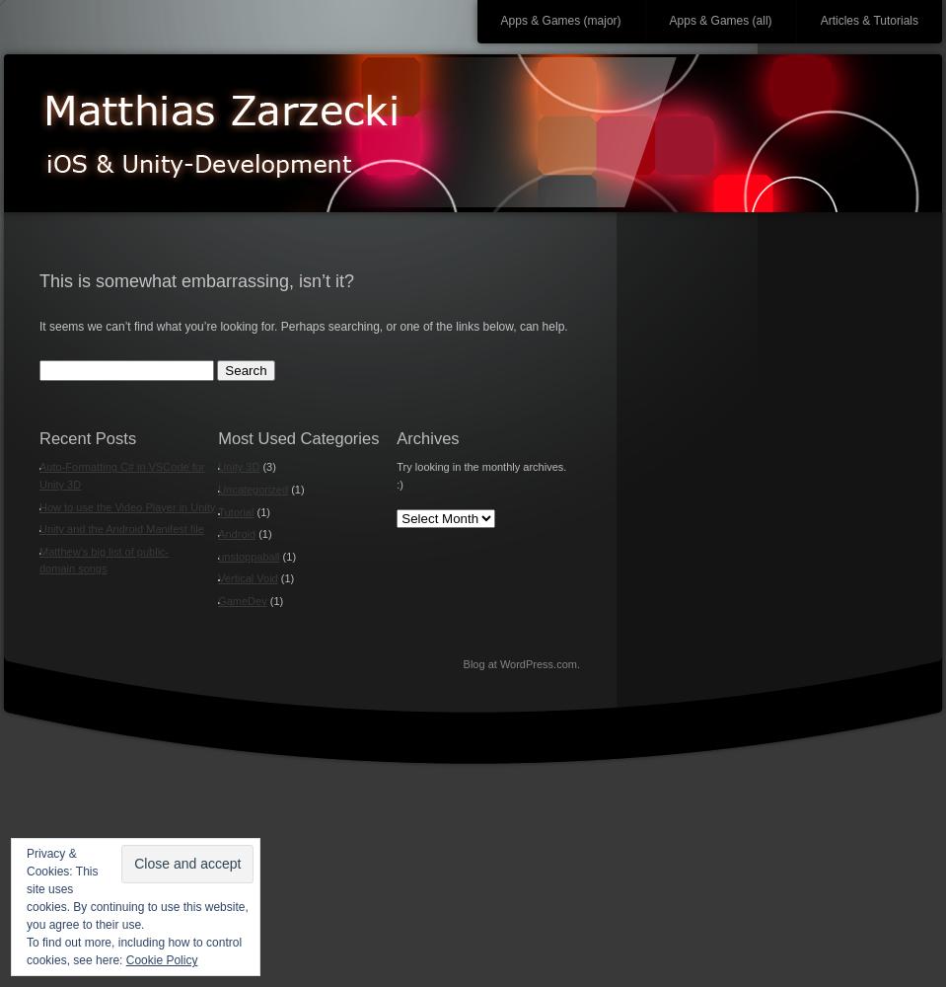 The width and height of the screenshot is (946, 987). Describe the element at coordinates (521, 663) in the screenshot. I see `'Blog at WordPress.com.'` at that location.